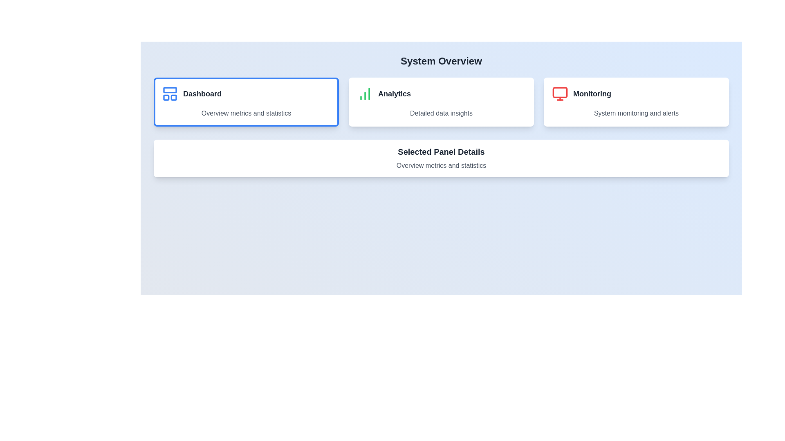 This screenshot has width=785, height=441. Describe the element at coordinates (246, 113) in the screenshot. I see `the text label 'Overview metrics and statistics' styled in gray, located under the 'Dashboard' header within a white card with rounded corners and a blue border` at that location.